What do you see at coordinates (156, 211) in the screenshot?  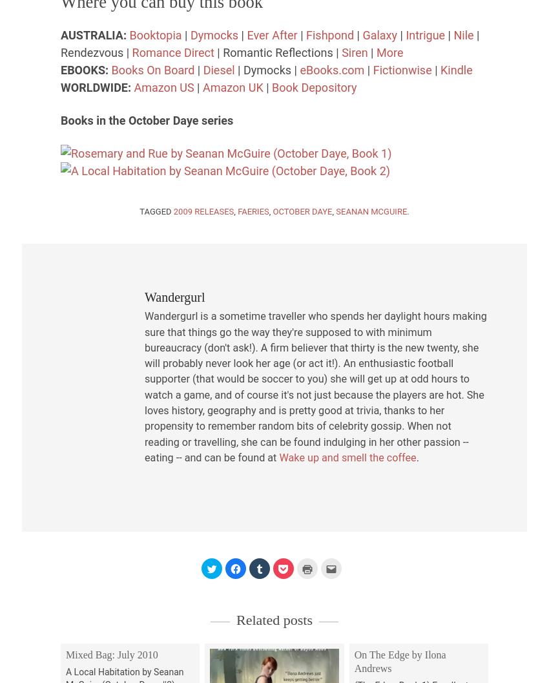 I see `'Tagged'` at bounding box center [156, 211].